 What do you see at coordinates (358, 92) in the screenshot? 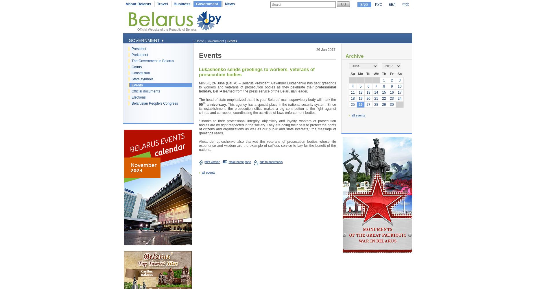
I see `'12'` at bounding box center [358, 92].